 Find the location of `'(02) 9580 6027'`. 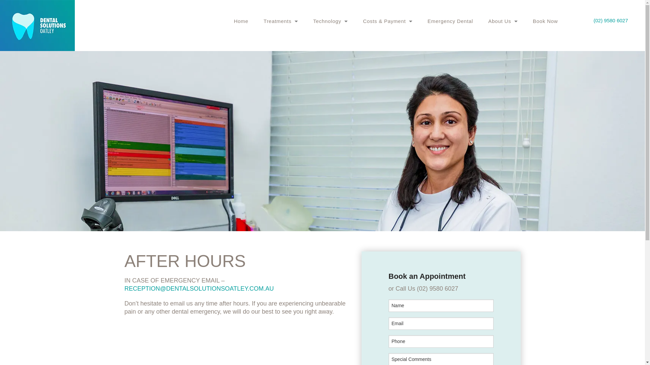

'(02) 9580 6027' is located at coordinates (611, 20).